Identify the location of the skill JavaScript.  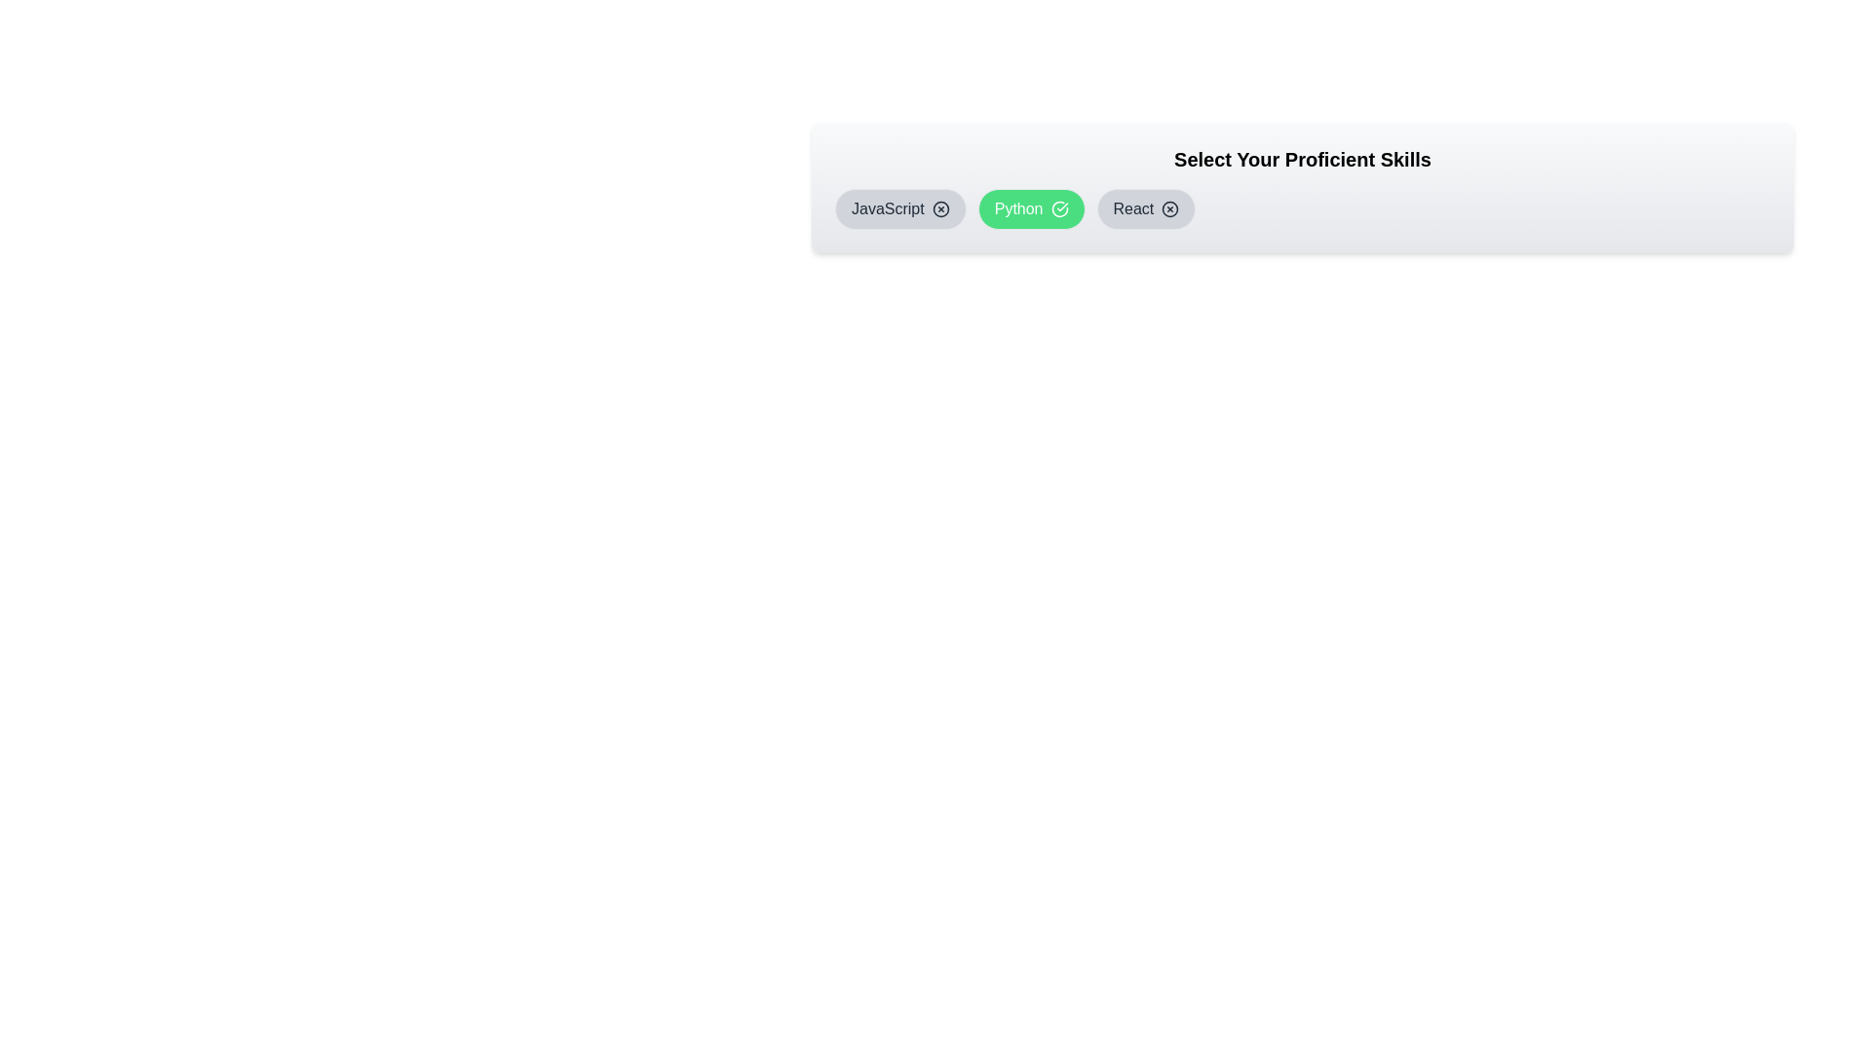
(899, 209).